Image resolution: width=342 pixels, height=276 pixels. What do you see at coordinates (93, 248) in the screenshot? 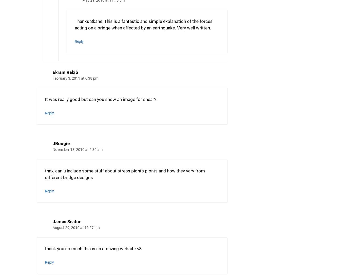
I see `'thank you so much this is an amazing website <3'` at bounding box center [93, 248].